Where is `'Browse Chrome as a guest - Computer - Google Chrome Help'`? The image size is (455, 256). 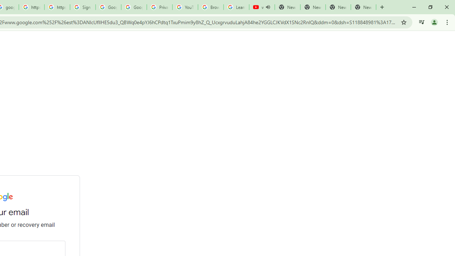
'Browse Chrome as a guest - Computer - Google Chrome Help' is located at coordinates (210, 7).